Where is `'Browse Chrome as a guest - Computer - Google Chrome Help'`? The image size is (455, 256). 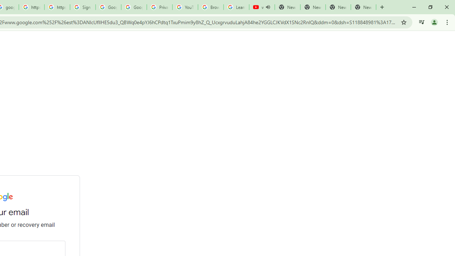
'Browse Chrome as a guest - Computer - Google Chrome Help' is located at coordinates (210, 7).